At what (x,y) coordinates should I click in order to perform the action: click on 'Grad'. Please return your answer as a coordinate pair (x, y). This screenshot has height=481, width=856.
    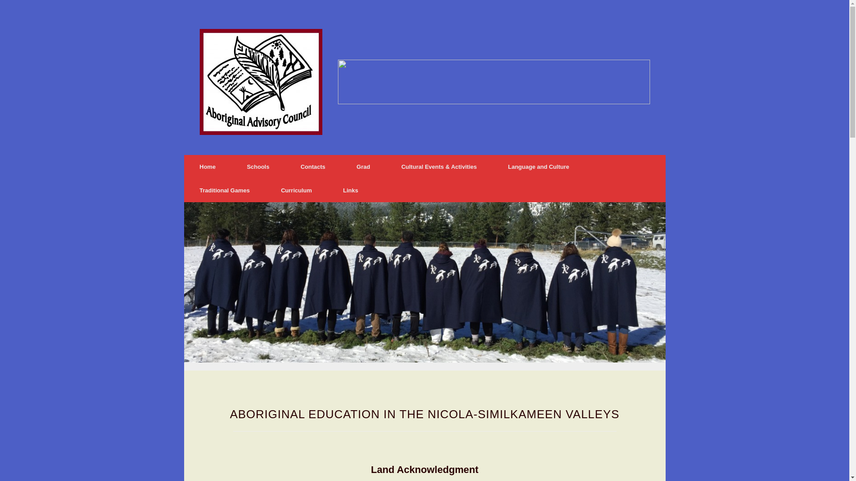
    Looking at the image, I should click on (363, 167).